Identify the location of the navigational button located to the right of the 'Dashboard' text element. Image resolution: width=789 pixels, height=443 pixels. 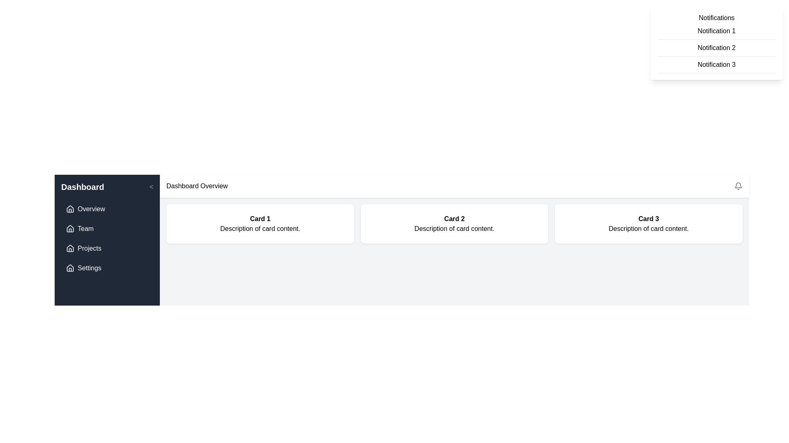
(151, 187).